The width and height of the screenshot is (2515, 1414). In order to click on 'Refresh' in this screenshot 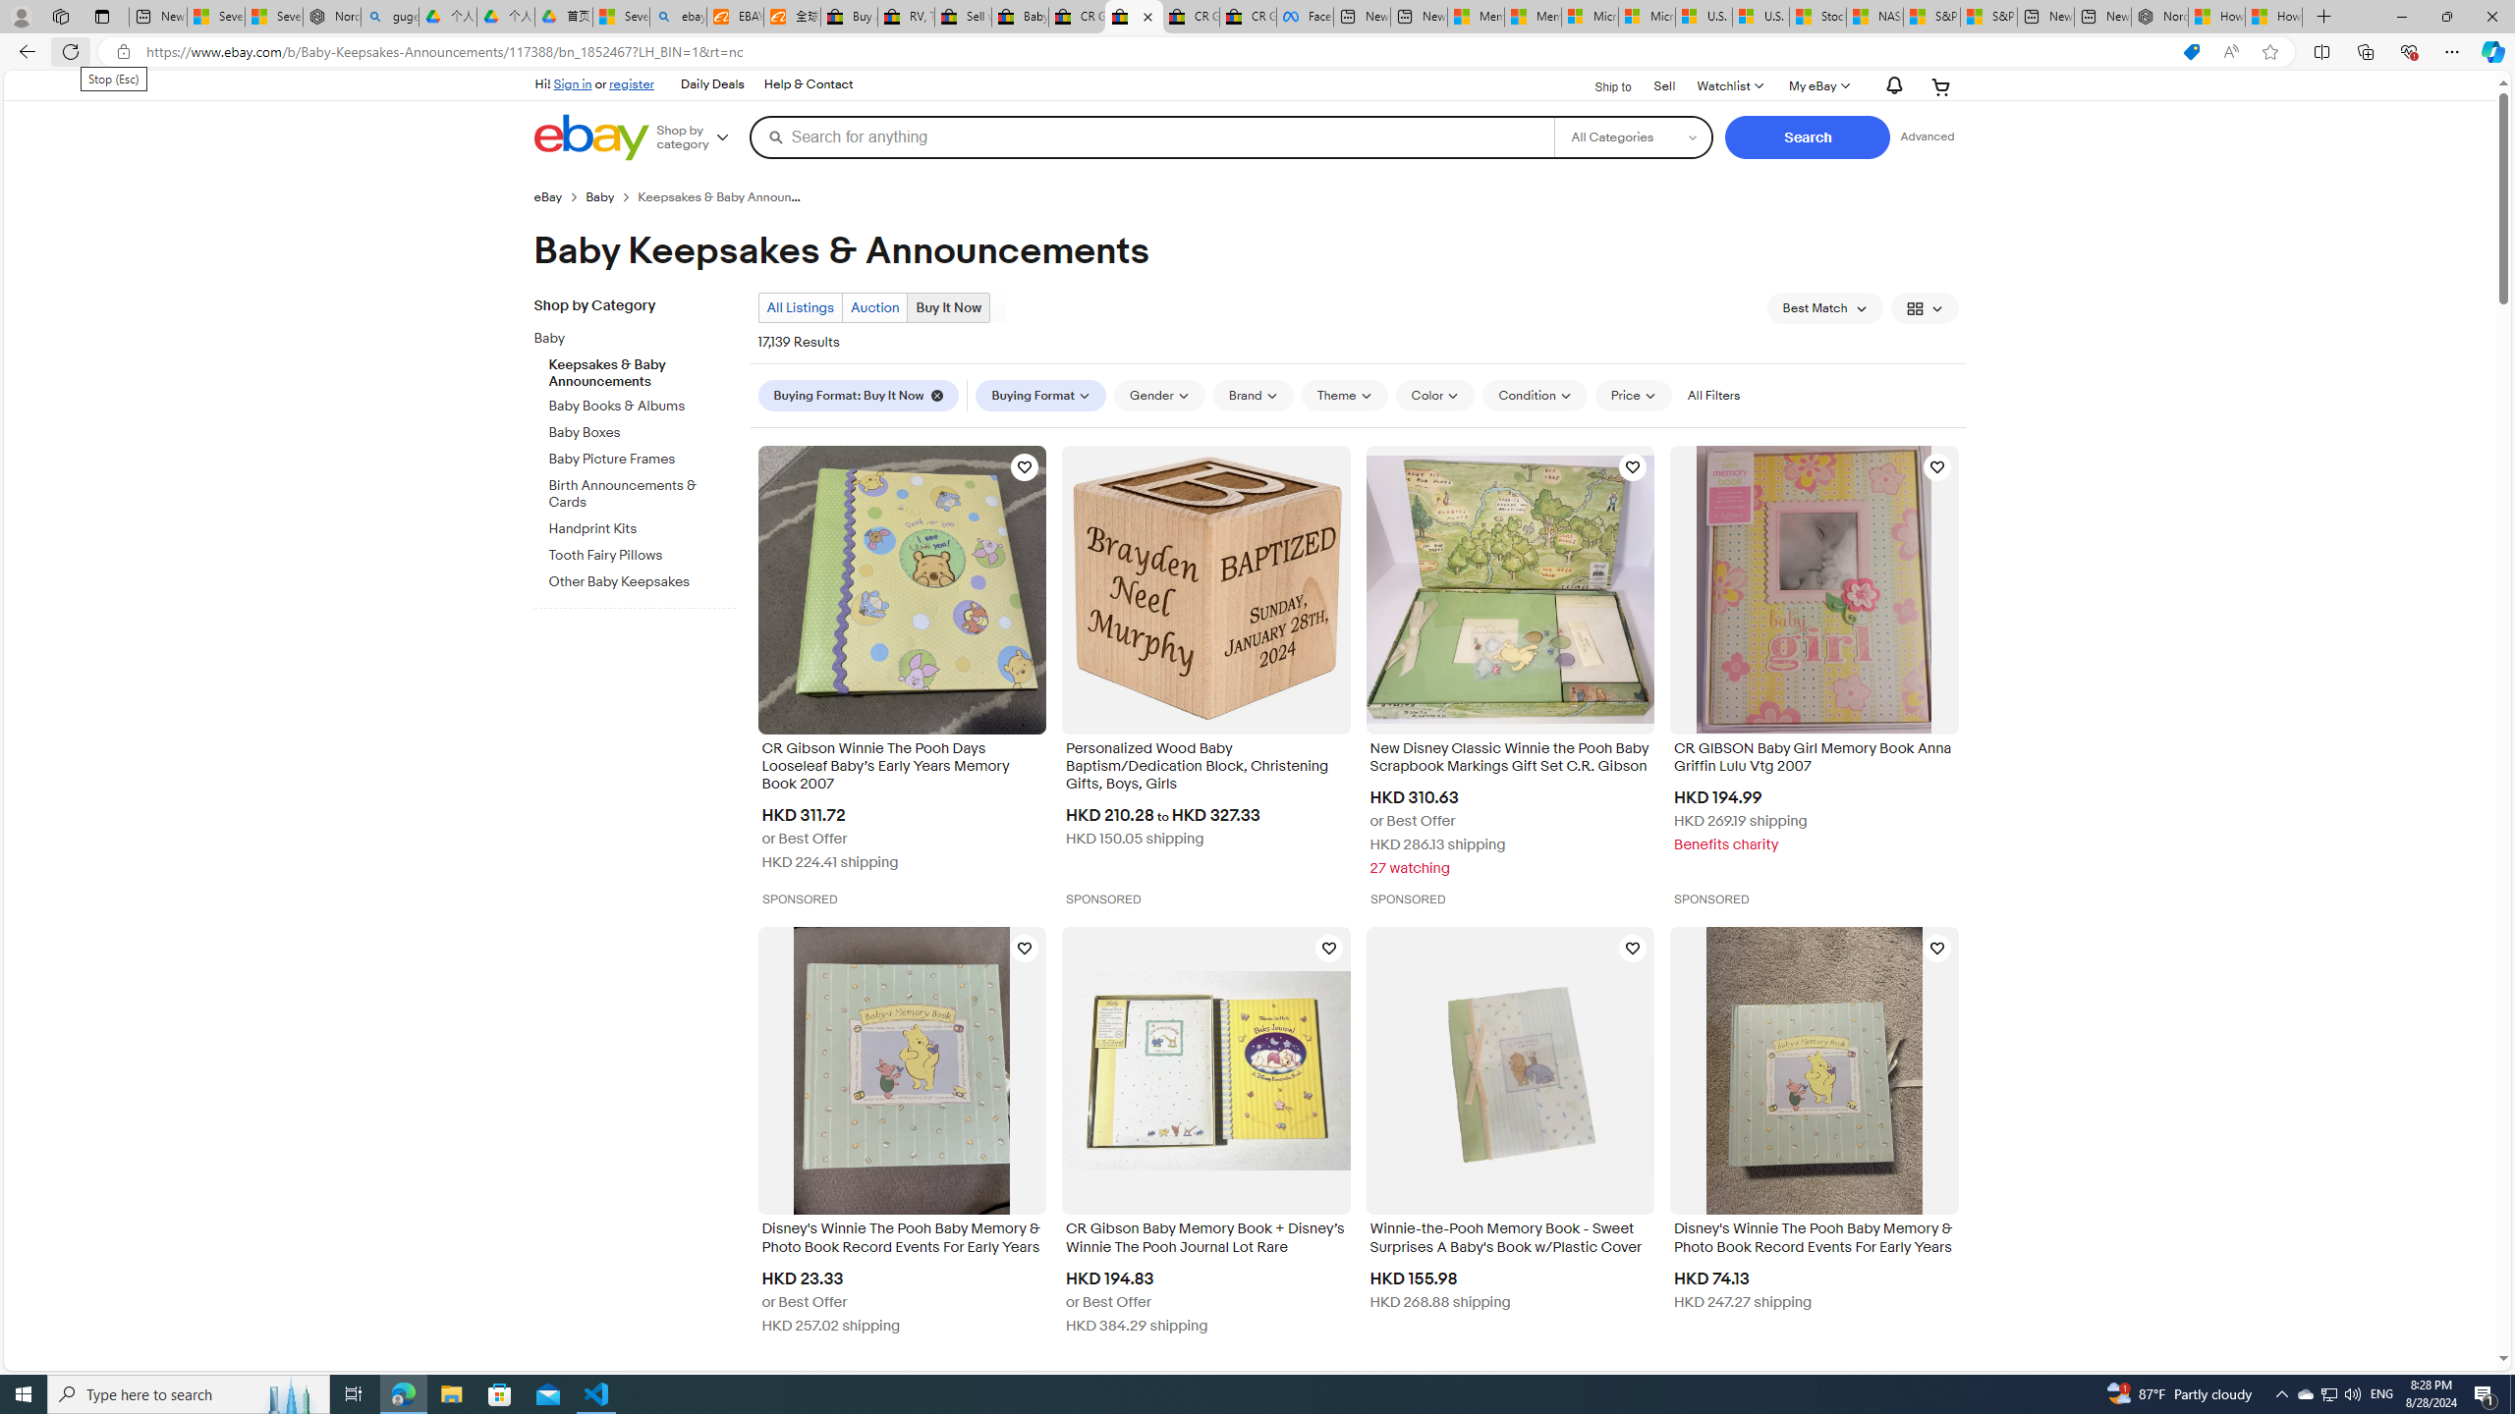, I will do `click(69, 50)`.